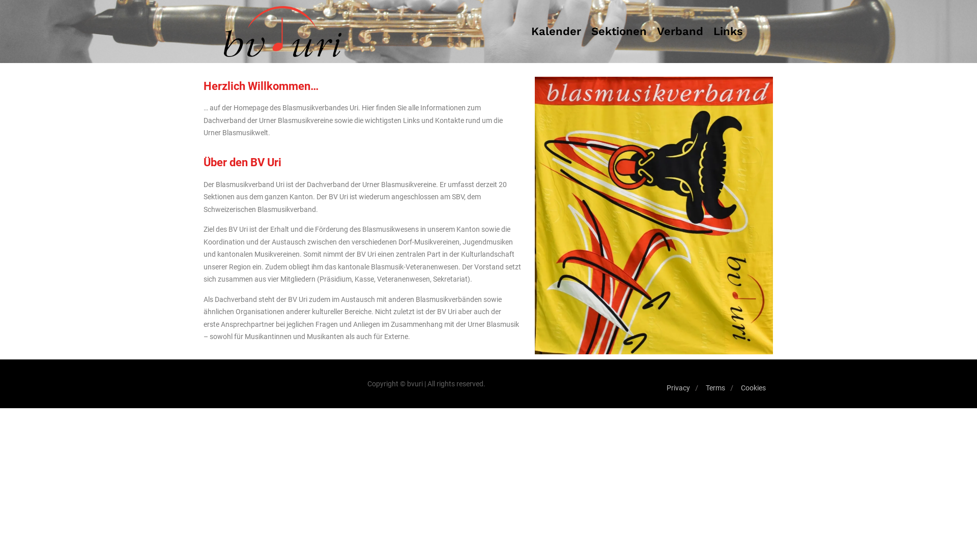  I want to click on 'Verband', so click(652, 30).